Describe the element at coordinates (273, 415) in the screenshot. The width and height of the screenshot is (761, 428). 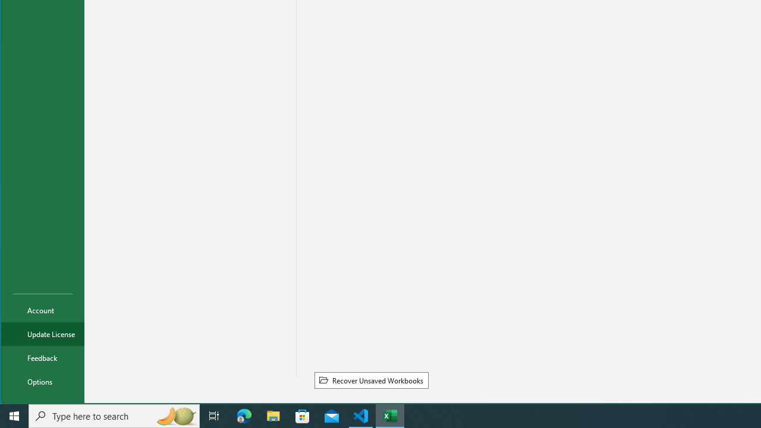
I see `'File Explorer'` at that location.